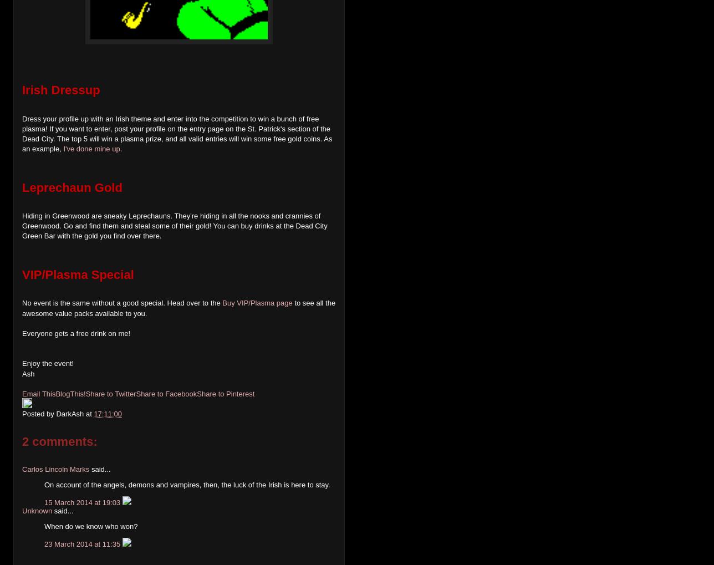  What do you see at coordinates (175, 225) in the screenshot?
I see `'Hiding in Greenwood are sneaky Leprechauns. They're hiding in all the nooks and crannies of Greenwood. Go and find them and steal some of their gold! You can buy drinks at the Dead City Green Bar with the gold you find over there.'` at bounding box center [175, 225].